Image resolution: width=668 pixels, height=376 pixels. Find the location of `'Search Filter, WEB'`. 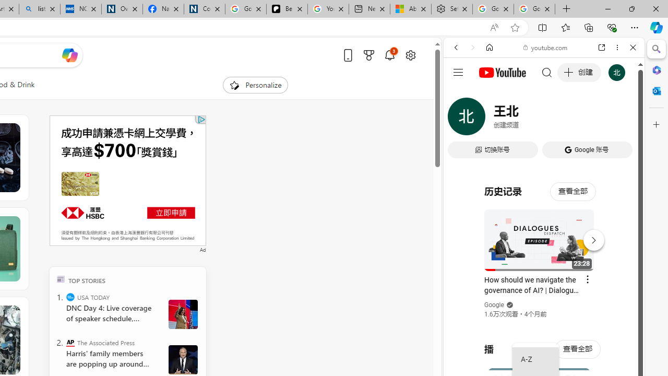

'Search Filter, WEB' is located at coordinates (460, 119).